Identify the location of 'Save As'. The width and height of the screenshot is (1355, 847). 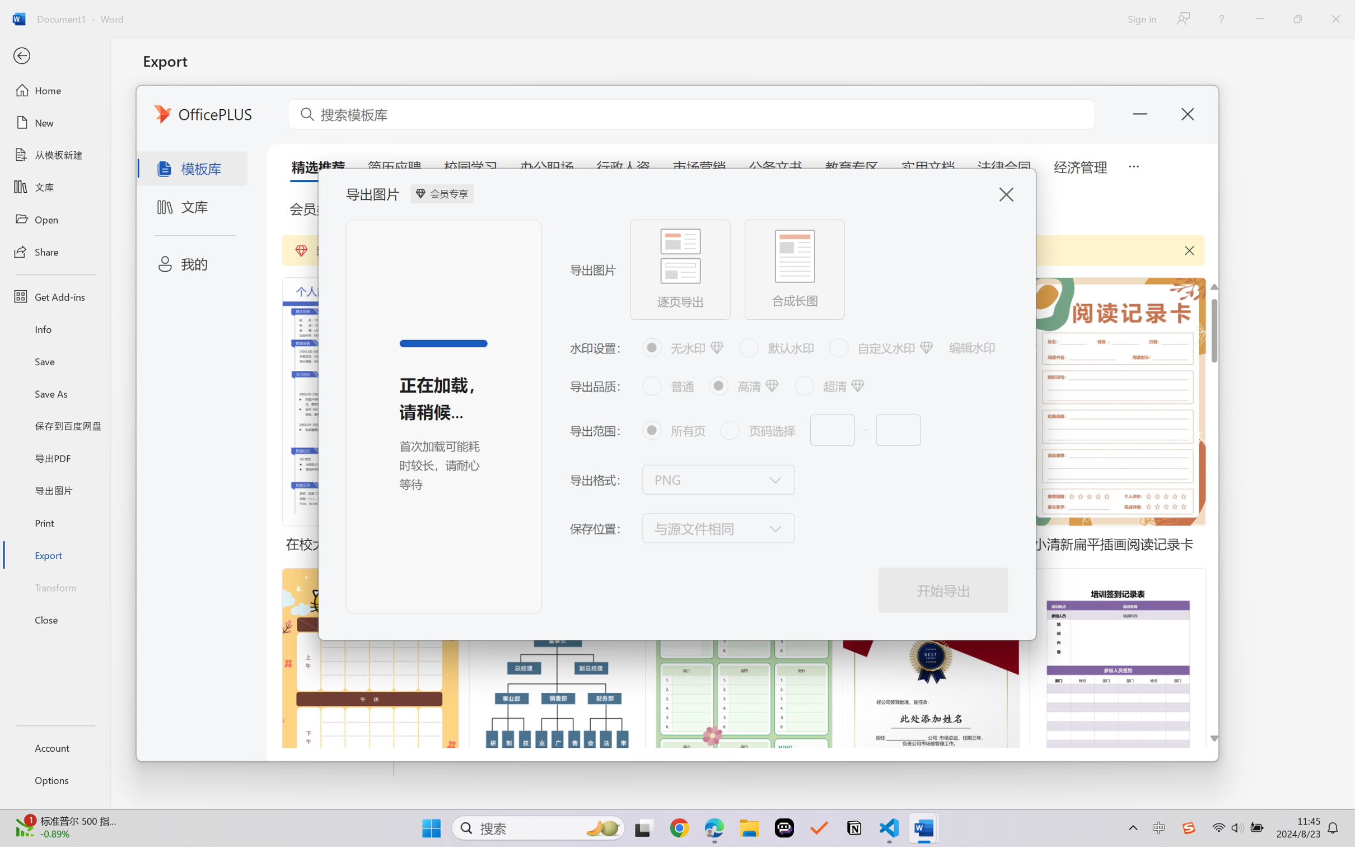
(54, 393).